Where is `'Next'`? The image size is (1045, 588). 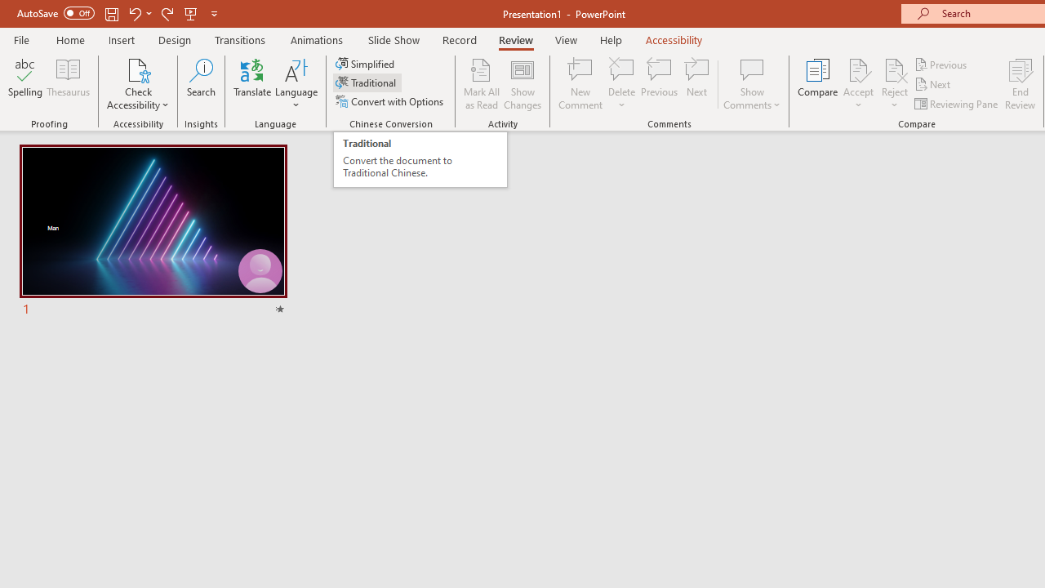 'Next' is located at coordinates (934, 84).